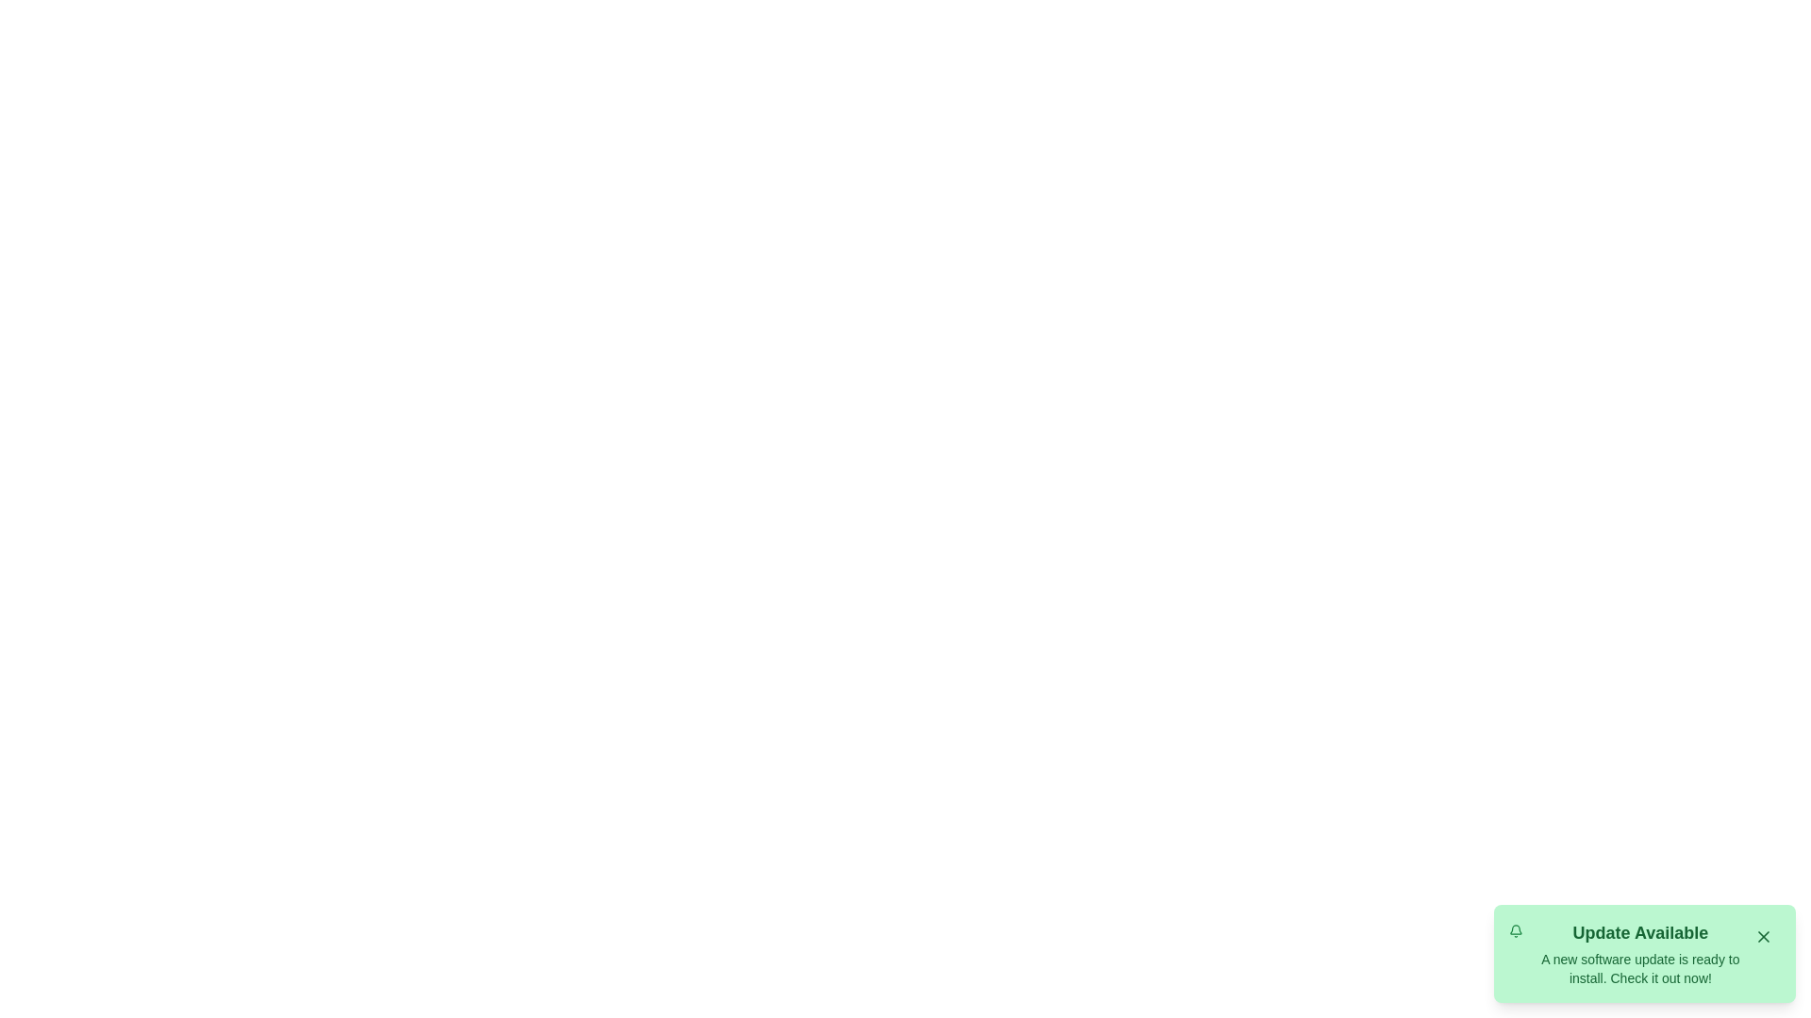  What do you see at coordinates (1639, 953) in the screenshot?
I see `the text label that displays 'Update Available' and its description about the software update` at bounding box center [1639, 953].